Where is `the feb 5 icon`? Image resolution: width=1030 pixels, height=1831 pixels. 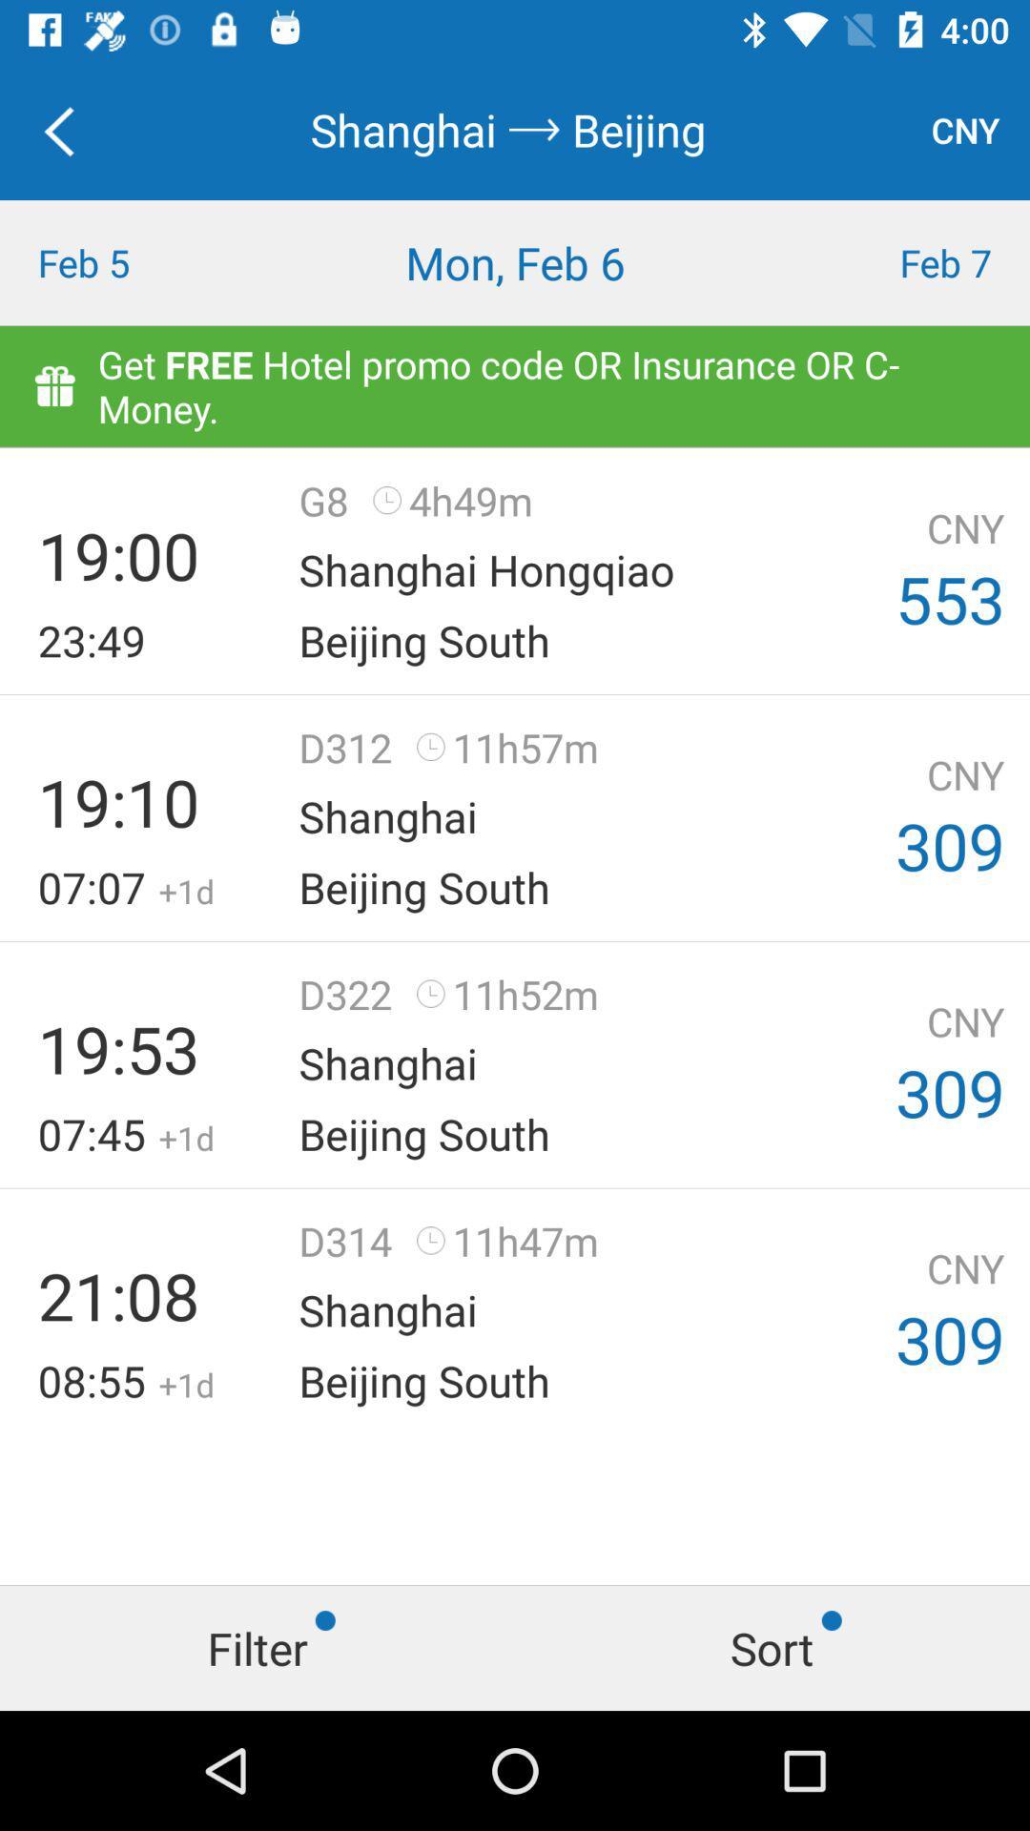 the feb 5 icon is located at coordinates (129, 261).